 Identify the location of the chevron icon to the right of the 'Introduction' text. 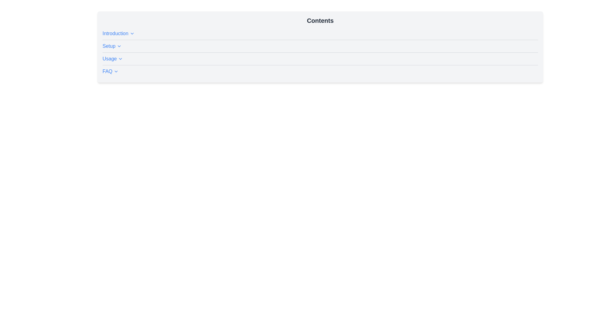
(132, 33).